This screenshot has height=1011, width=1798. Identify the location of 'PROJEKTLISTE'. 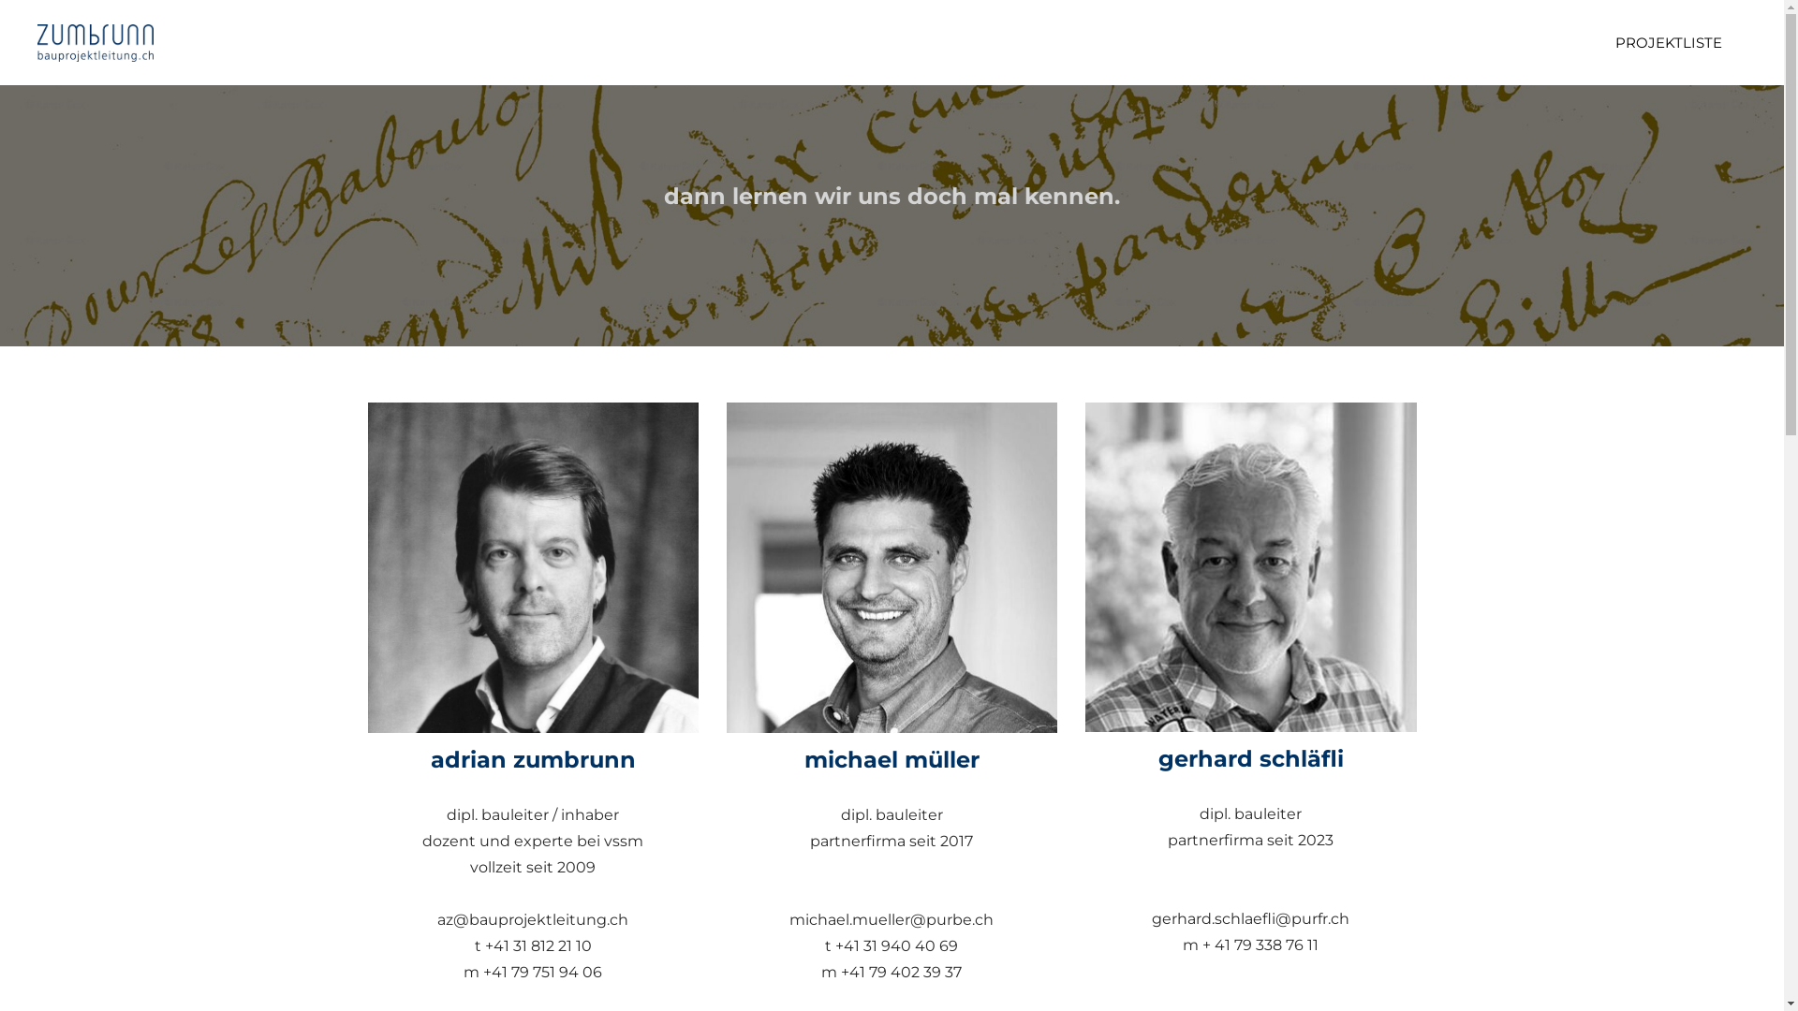
(1668, 42).